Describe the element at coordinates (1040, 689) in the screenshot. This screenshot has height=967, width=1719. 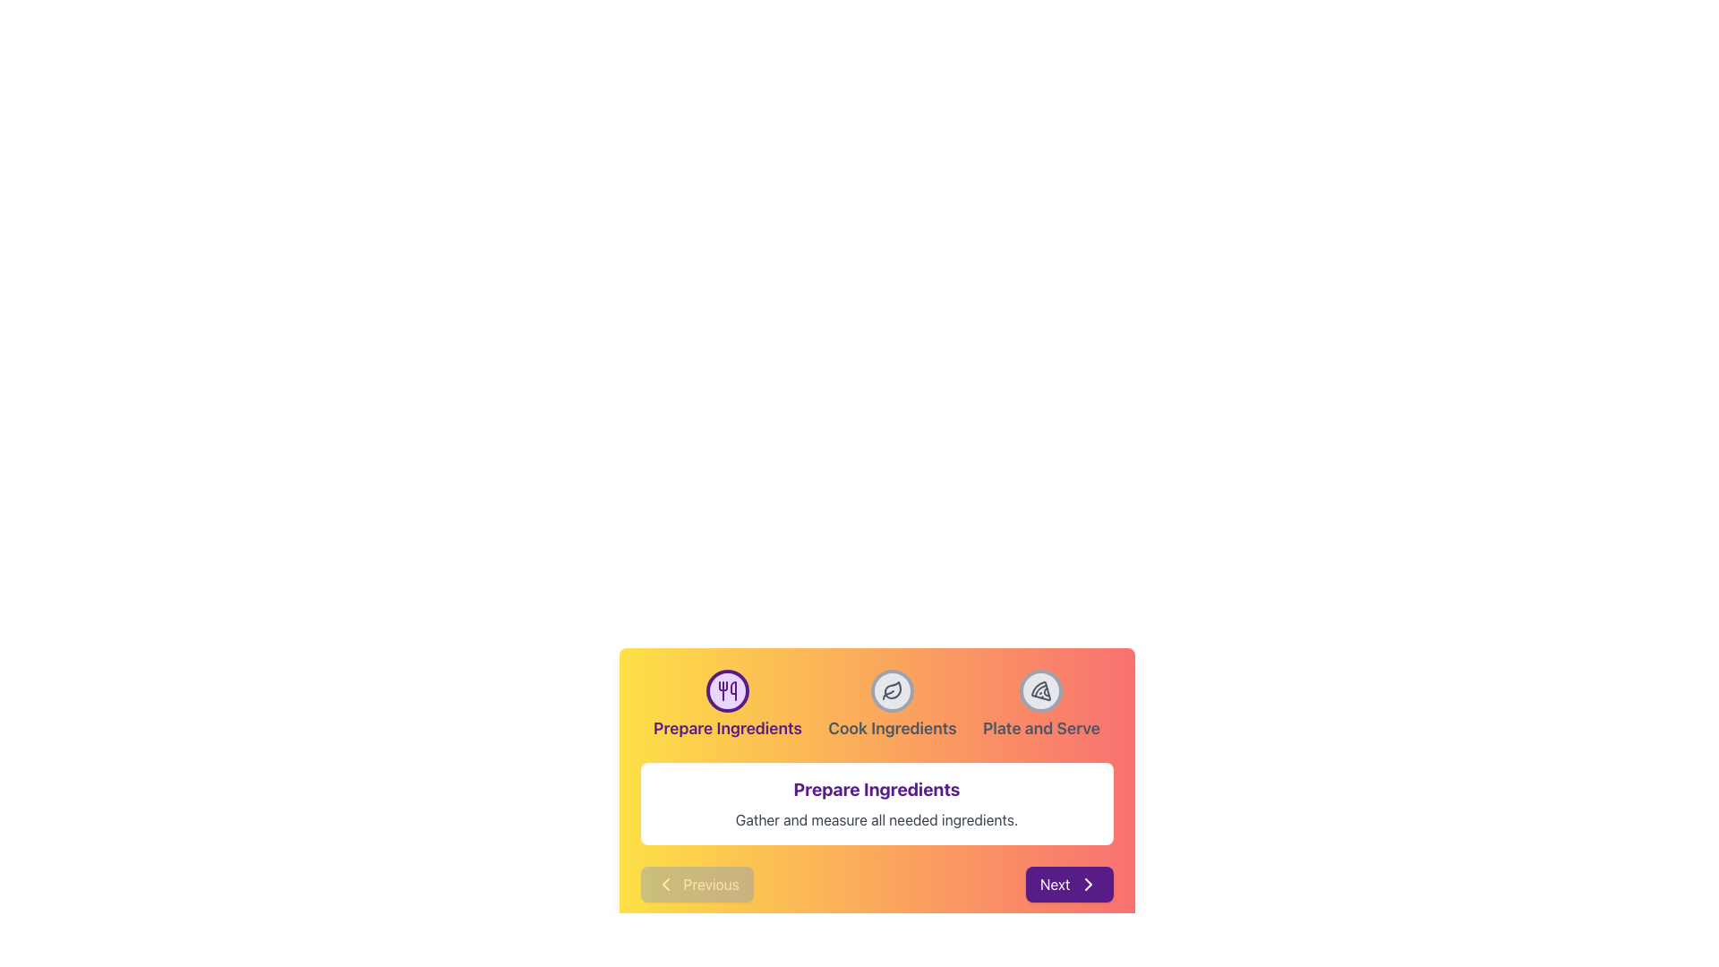
I see `the third icon from the left in the horizontal group related to serving or finalizing preparations, located at the upper segment of a colorful card` at that location.